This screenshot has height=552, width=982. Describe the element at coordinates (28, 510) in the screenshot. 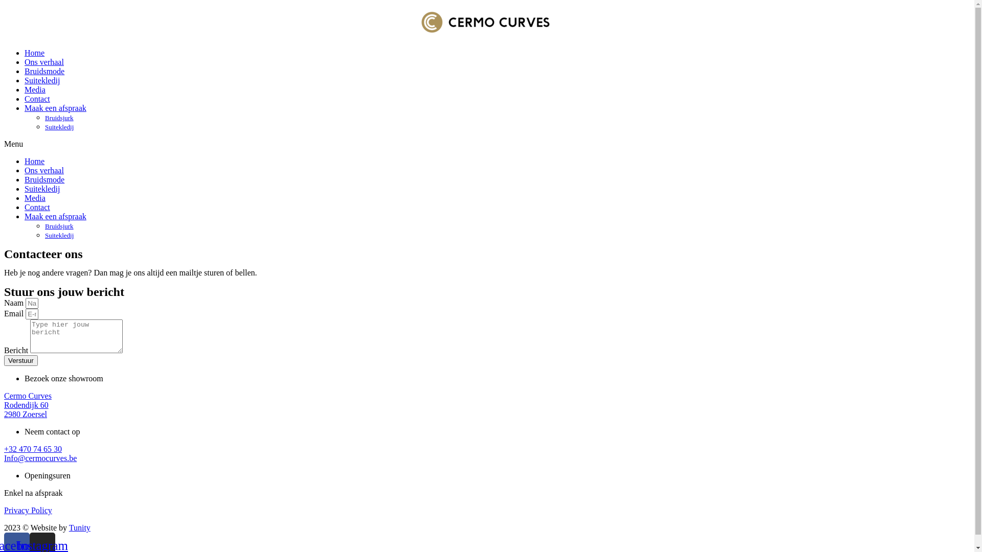

I see `'Privacy Policy'` at that location.